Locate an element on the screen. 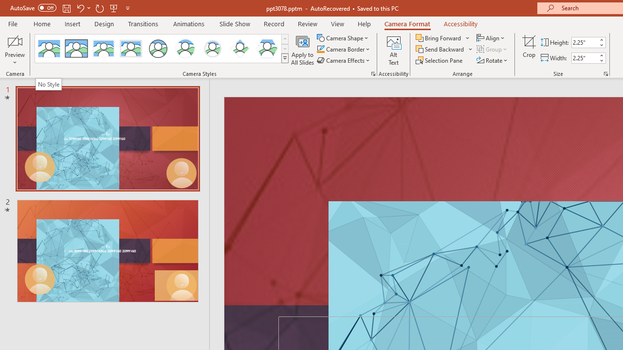 Image resolution: width=623 pixels, height=350 pixels. 'No Style' is located at coordinates (48, 84).